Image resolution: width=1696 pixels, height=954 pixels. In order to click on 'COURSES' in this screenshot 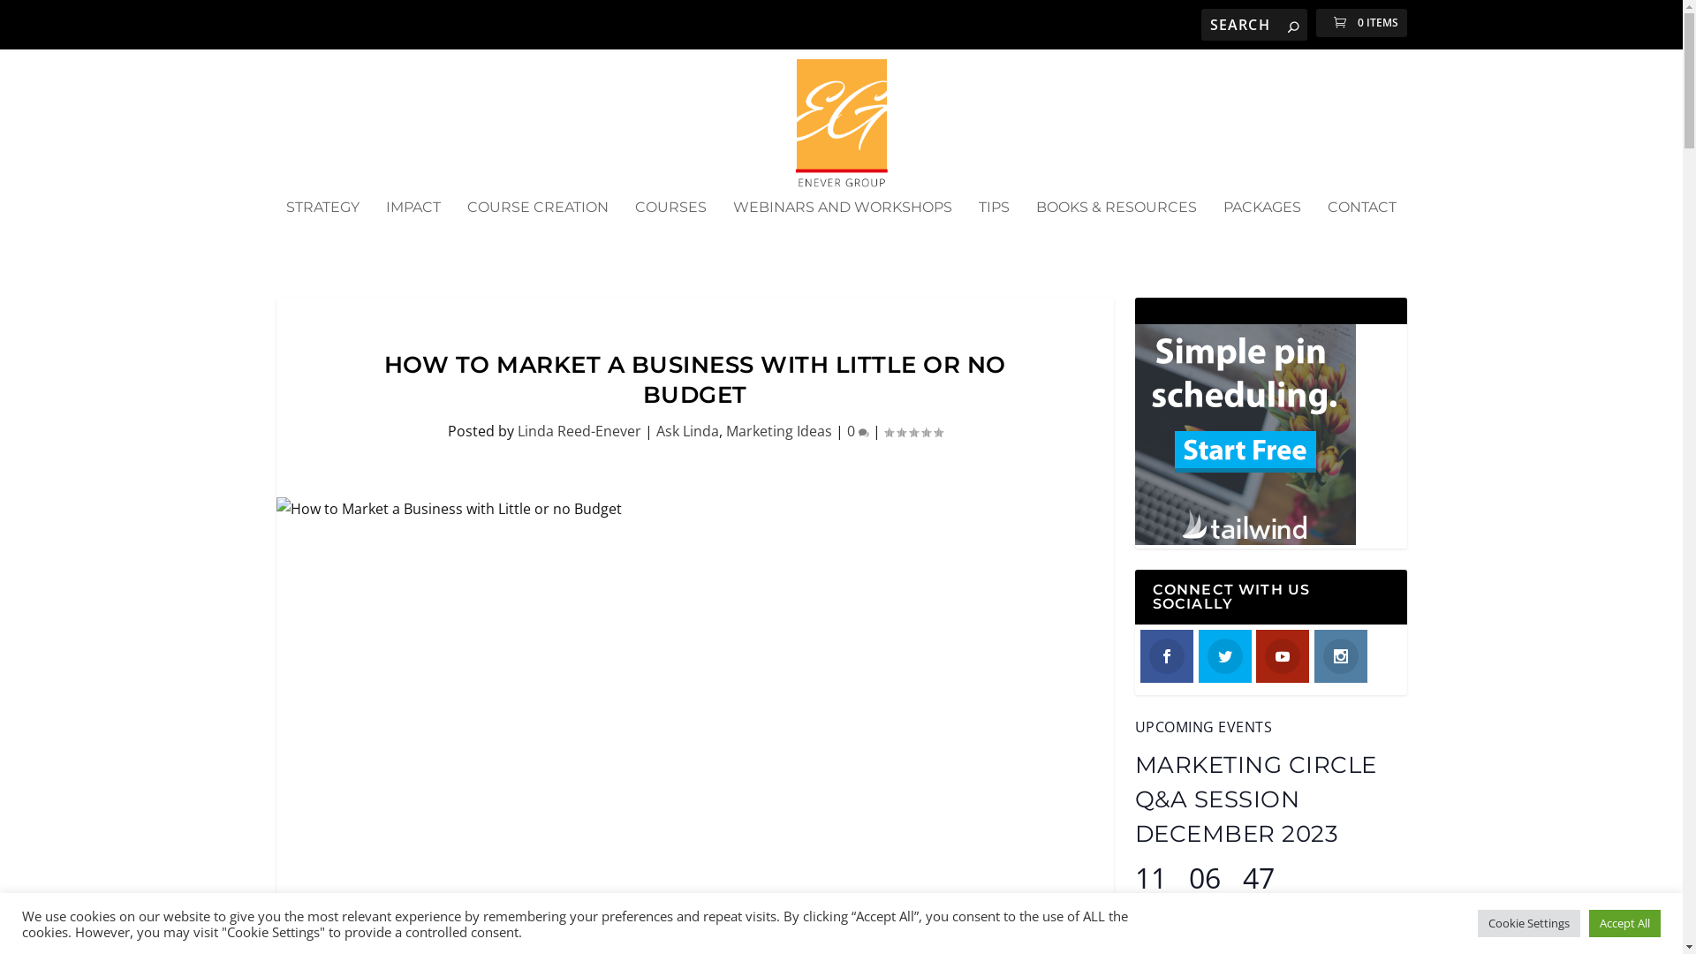, I will do `click(670, 231)`.